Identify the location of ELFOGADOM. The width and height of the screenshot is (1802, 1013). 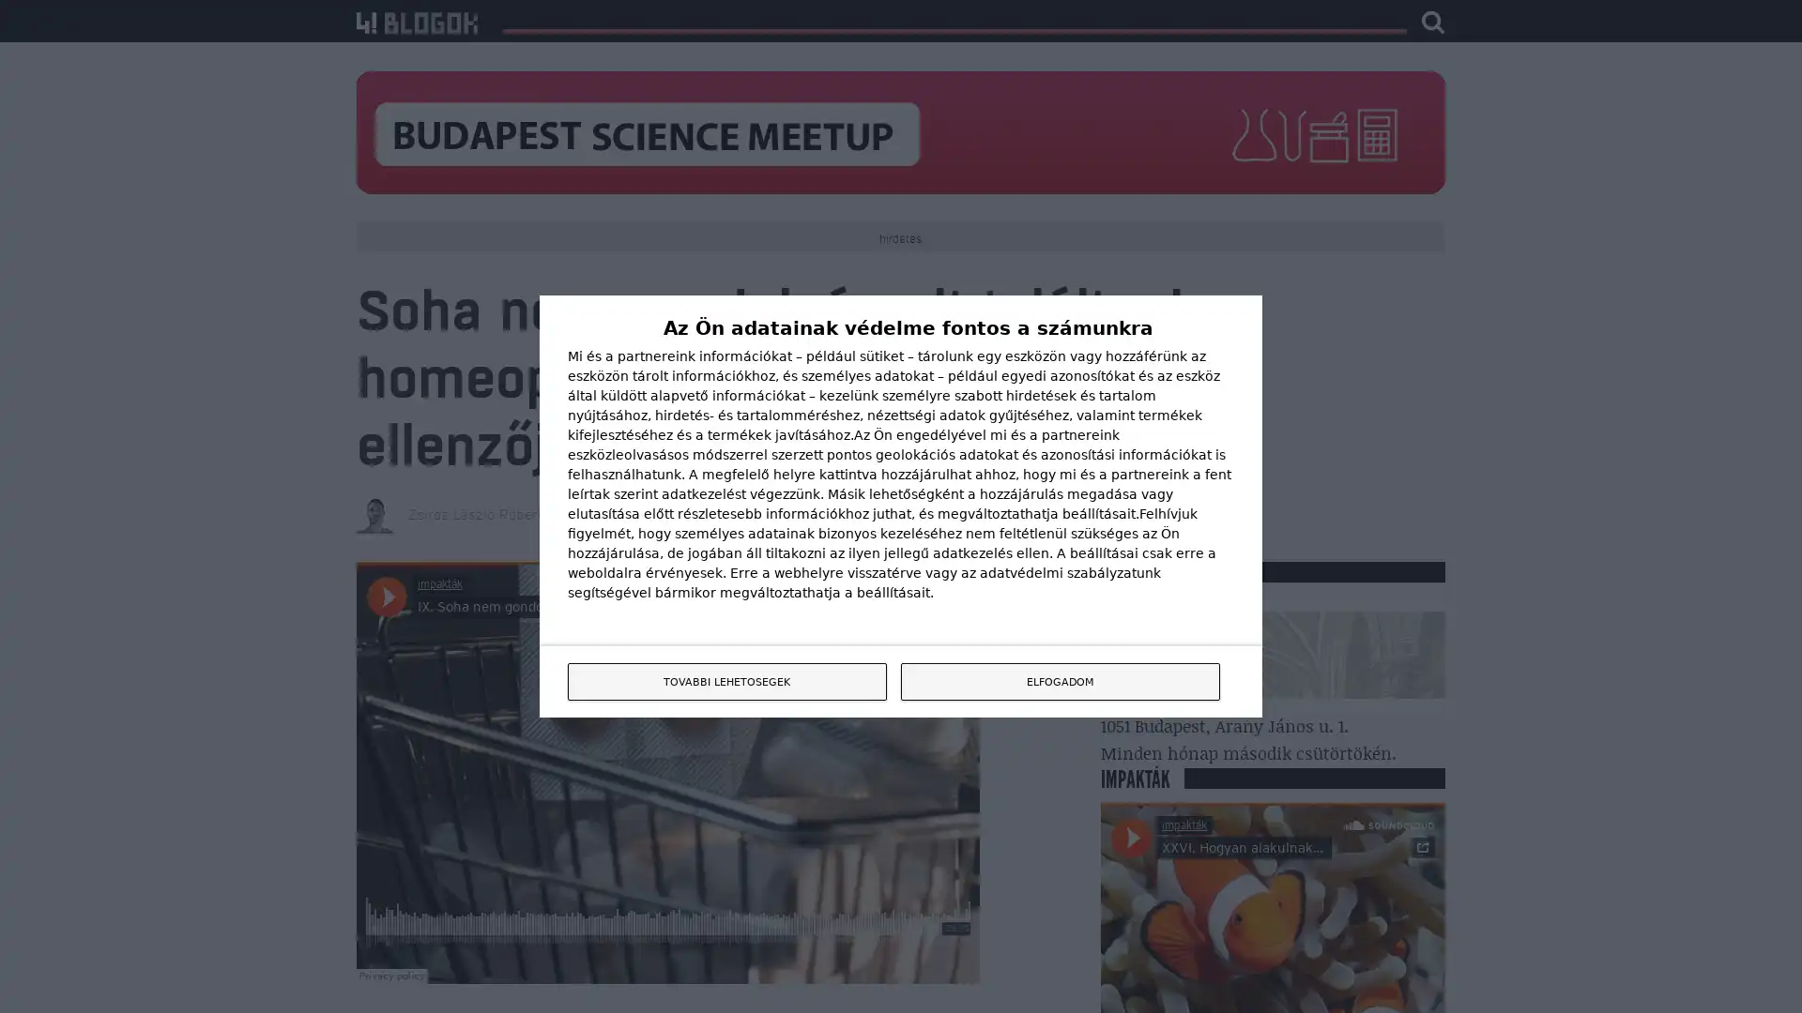
(1060, 681).